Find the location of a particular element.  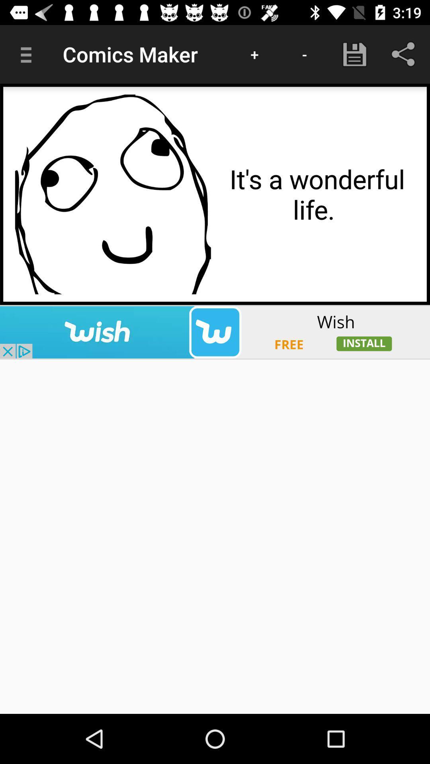

advertisement is located at coordinates (215, 332).